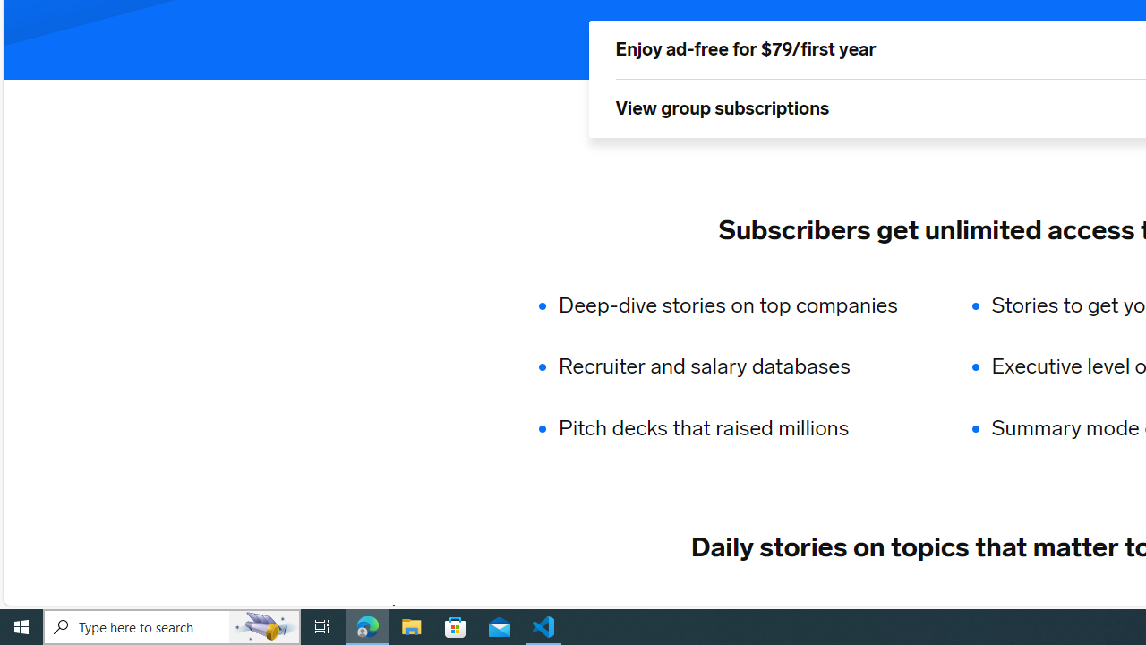 The image size is (1146, 645). I want to click on 'Deep-dive stories on top companies', so click(740, 304).